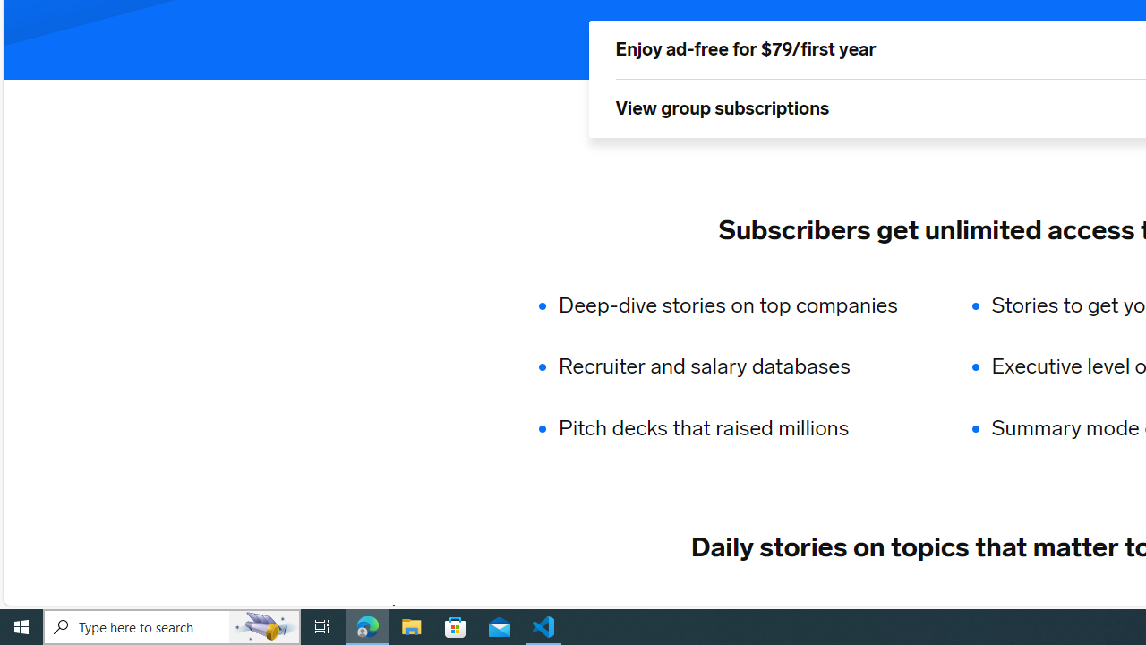 The image size is (1146, 645). I want to click on 'Deep-dive stories on top companies', so click(740, 304).